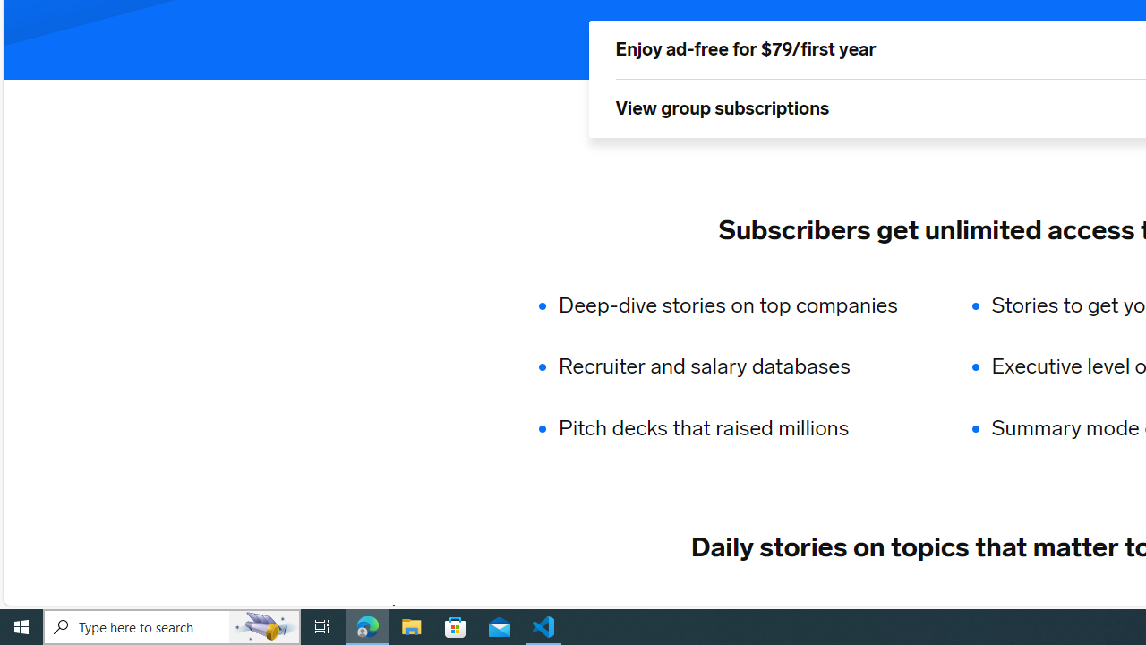 The image size is (1146, 645). I want to click on 'Deep-dive stories on top companies', so click(740, 304).